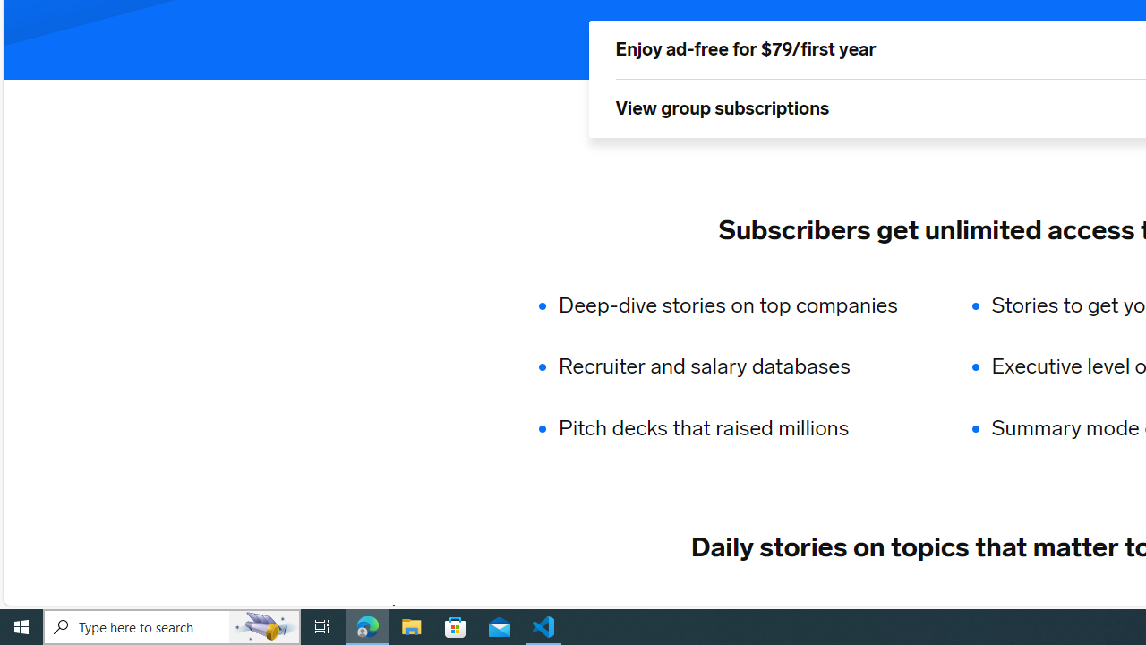 The image size is (1146, 645). I want to click on 'Deep-dive stories on top companies', so click(740, 304).